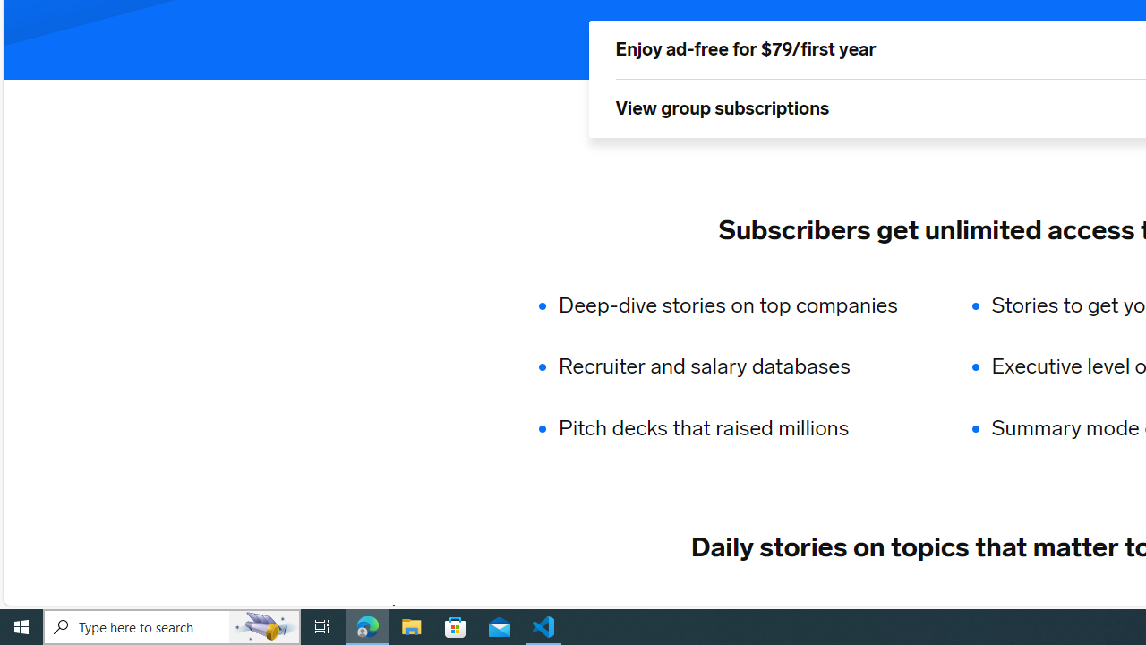 The image size is (1146, 645). I want to click on 'Deep-dive stories on top companies', so click(740, 304).